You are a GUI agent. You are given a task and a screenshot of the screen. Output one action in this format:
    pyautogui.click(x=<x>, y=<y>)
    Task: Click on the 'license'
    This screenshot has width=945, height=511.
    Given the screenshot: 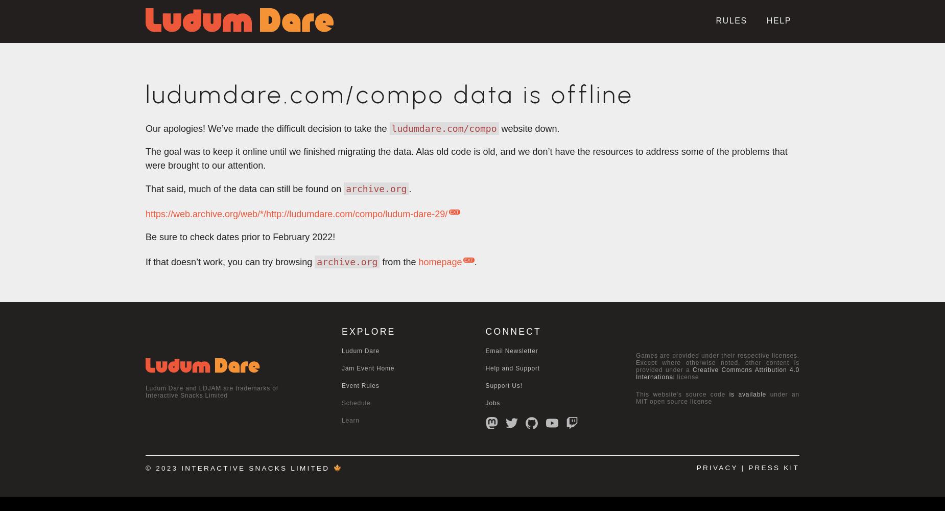 What is the action you would take?
    pyautogui.click(x=686, y=377)
    